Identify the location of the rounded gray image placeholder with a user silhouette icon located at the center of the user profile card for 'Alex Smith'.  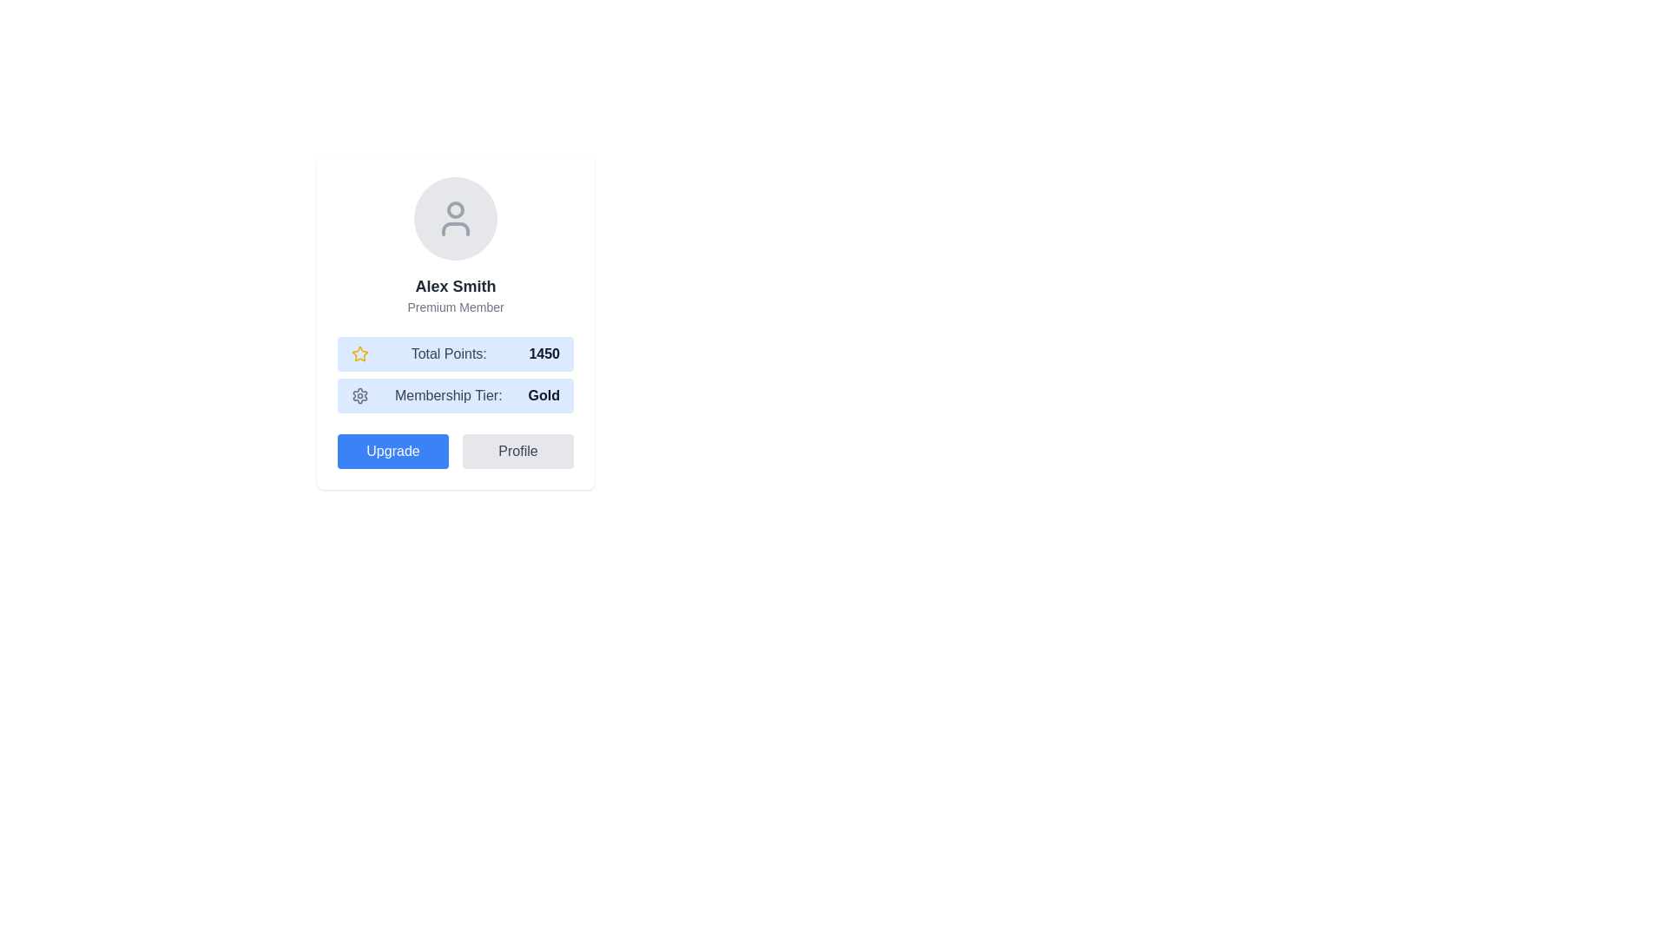
(455, 217).